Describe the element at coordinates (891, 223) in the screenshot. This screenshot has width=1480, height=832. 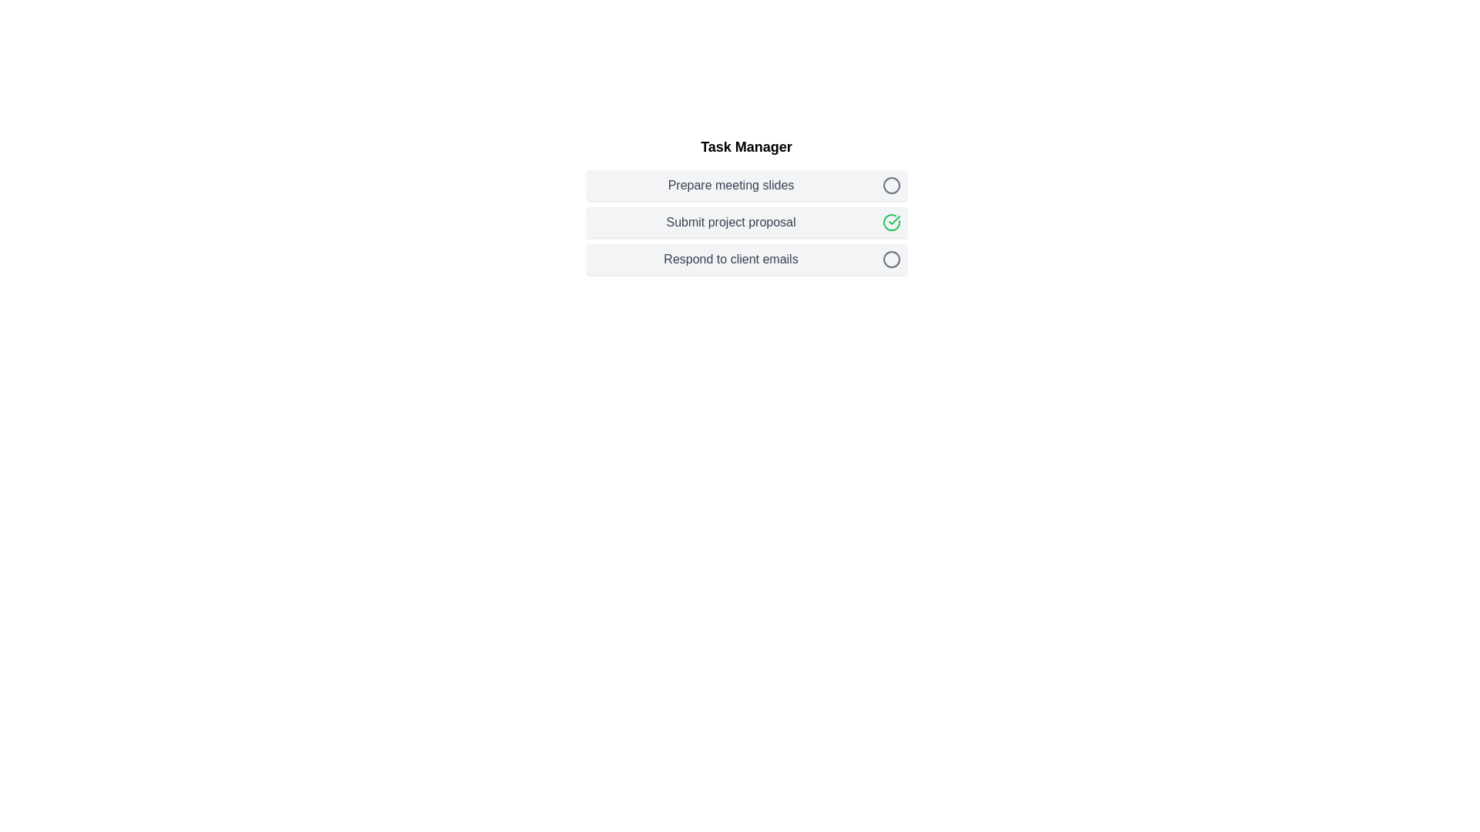
I see `the green circular icon with a checkmark in the center, located in the 'Submit project proposal' row` at that location.